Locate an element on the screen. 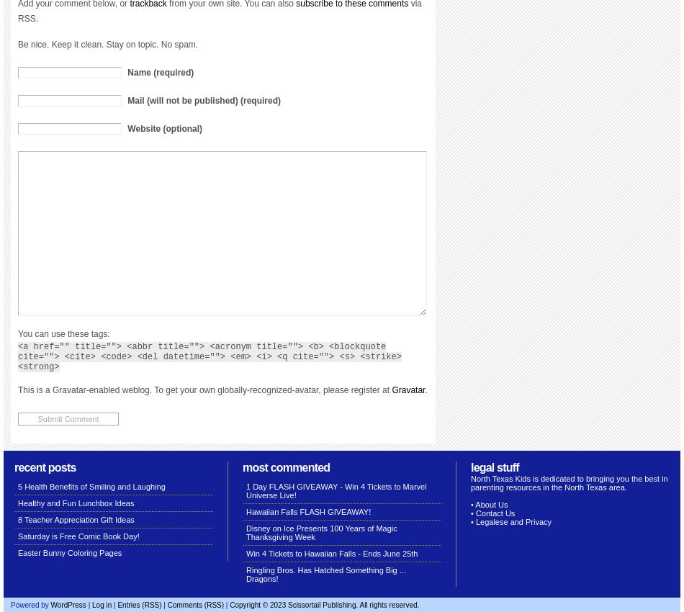 Image resolution: width=684 pixels, height=612 pixels. 'Hawaiian Falls FLASH GIVEAWAY!' is located at coordinates (307, 511).